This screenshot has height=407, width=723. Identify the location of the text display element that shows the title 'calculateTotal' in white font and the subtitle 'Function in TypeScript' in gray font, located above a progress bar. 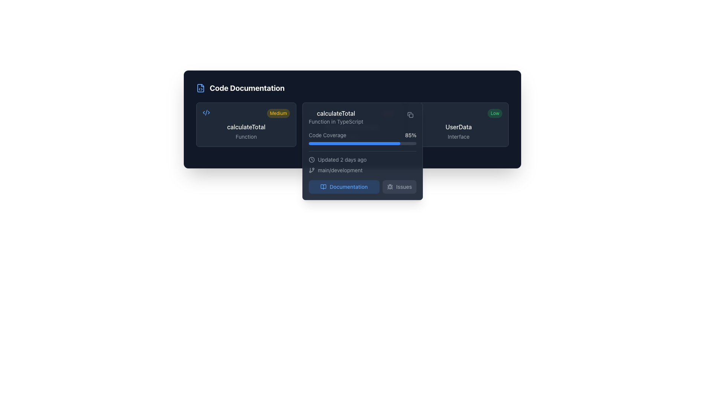
(336, 117).